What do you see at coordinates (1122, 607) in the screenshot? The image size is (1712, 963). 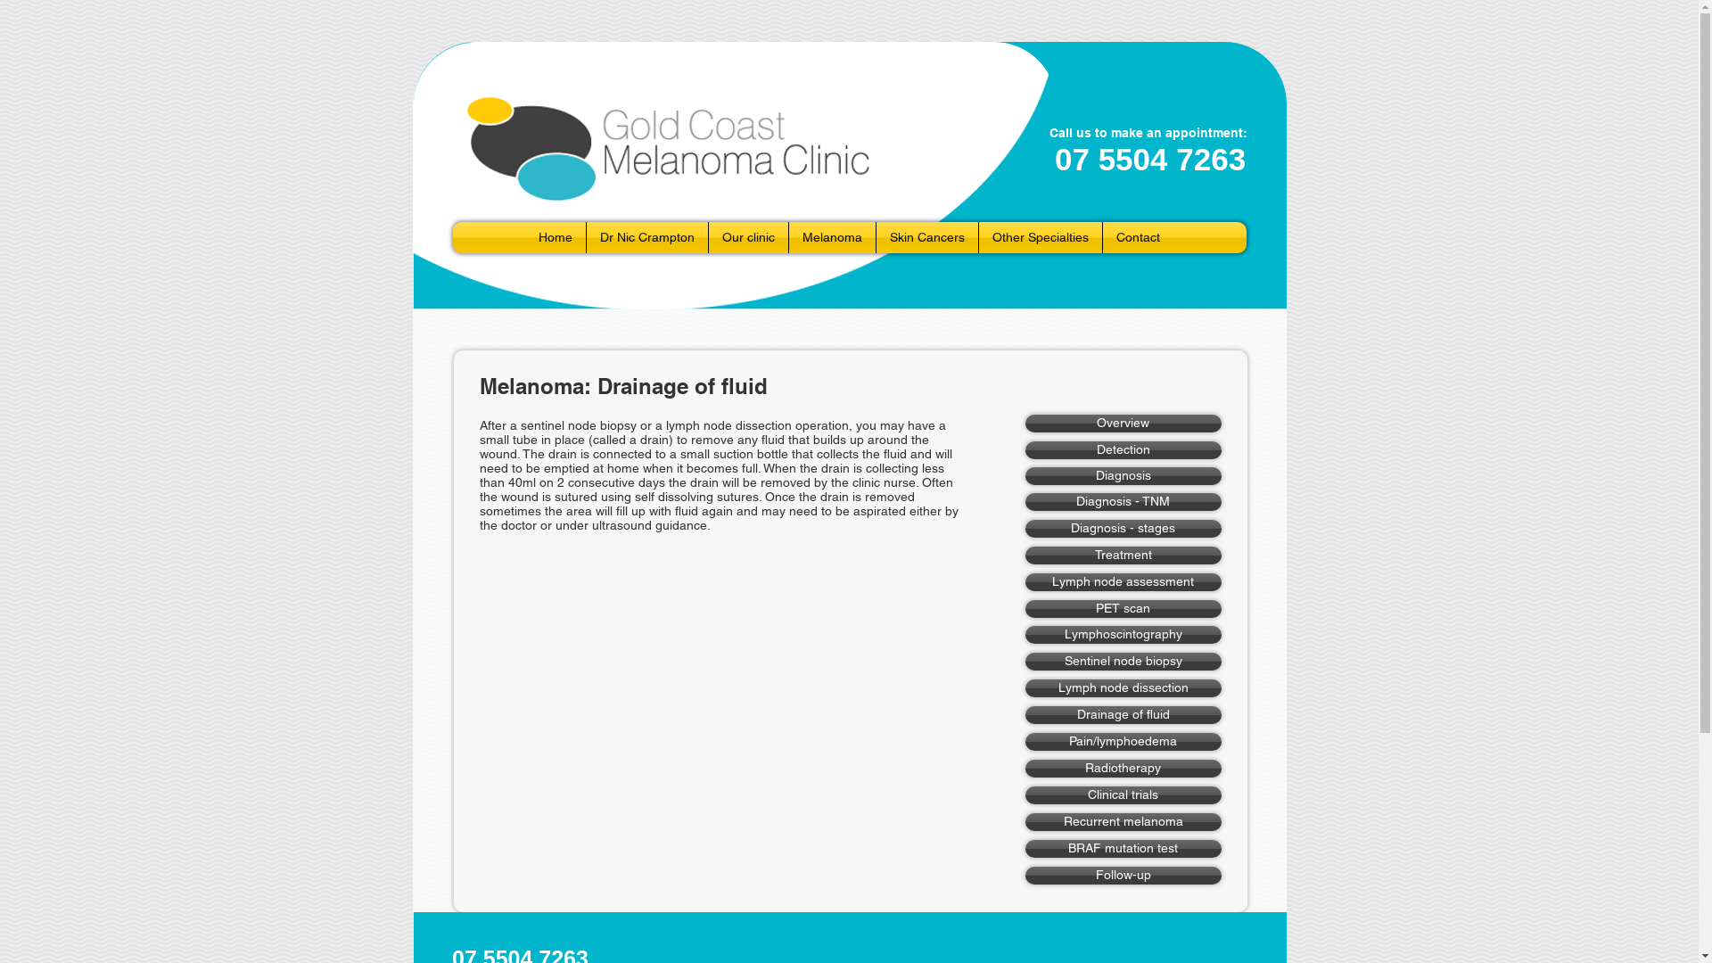 I see `'PET scan'` at bounding box center [1122, 607].